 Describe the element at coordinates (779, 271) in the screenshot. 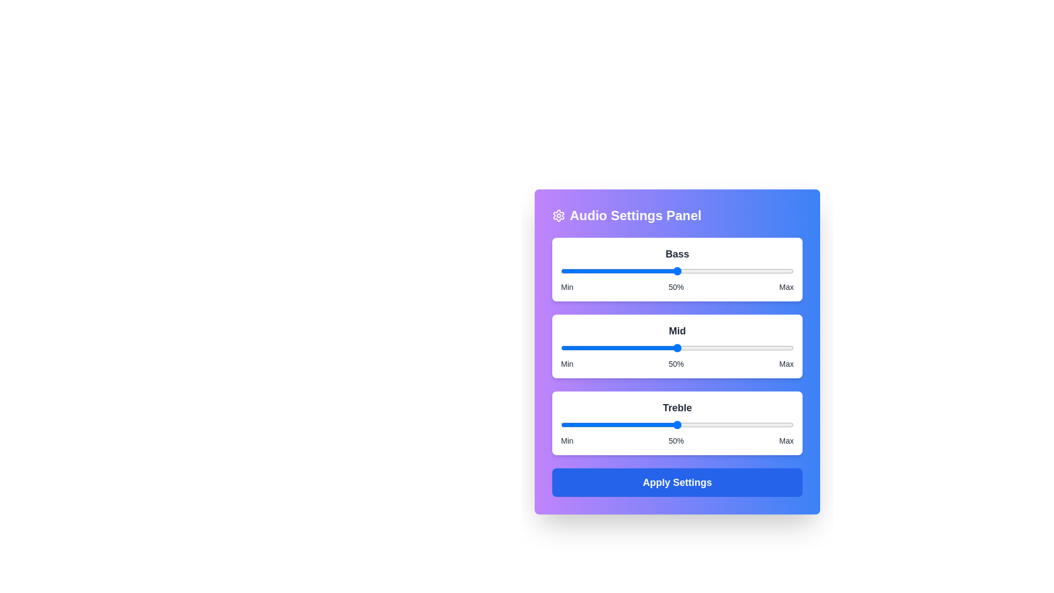

I see `the bass level` at that location.